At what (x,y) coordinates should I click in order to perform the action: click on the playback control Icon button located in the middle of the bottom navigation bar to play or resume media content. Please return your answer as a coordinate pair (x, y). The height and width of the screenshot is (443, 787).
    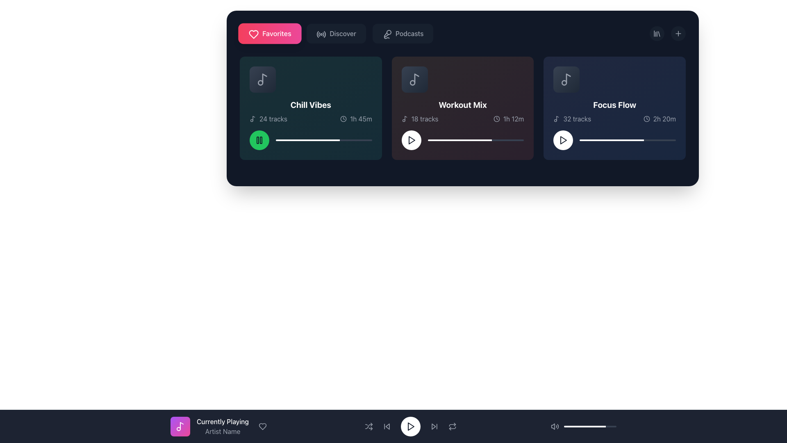
    Looking at the image, I should click on (410, 426).